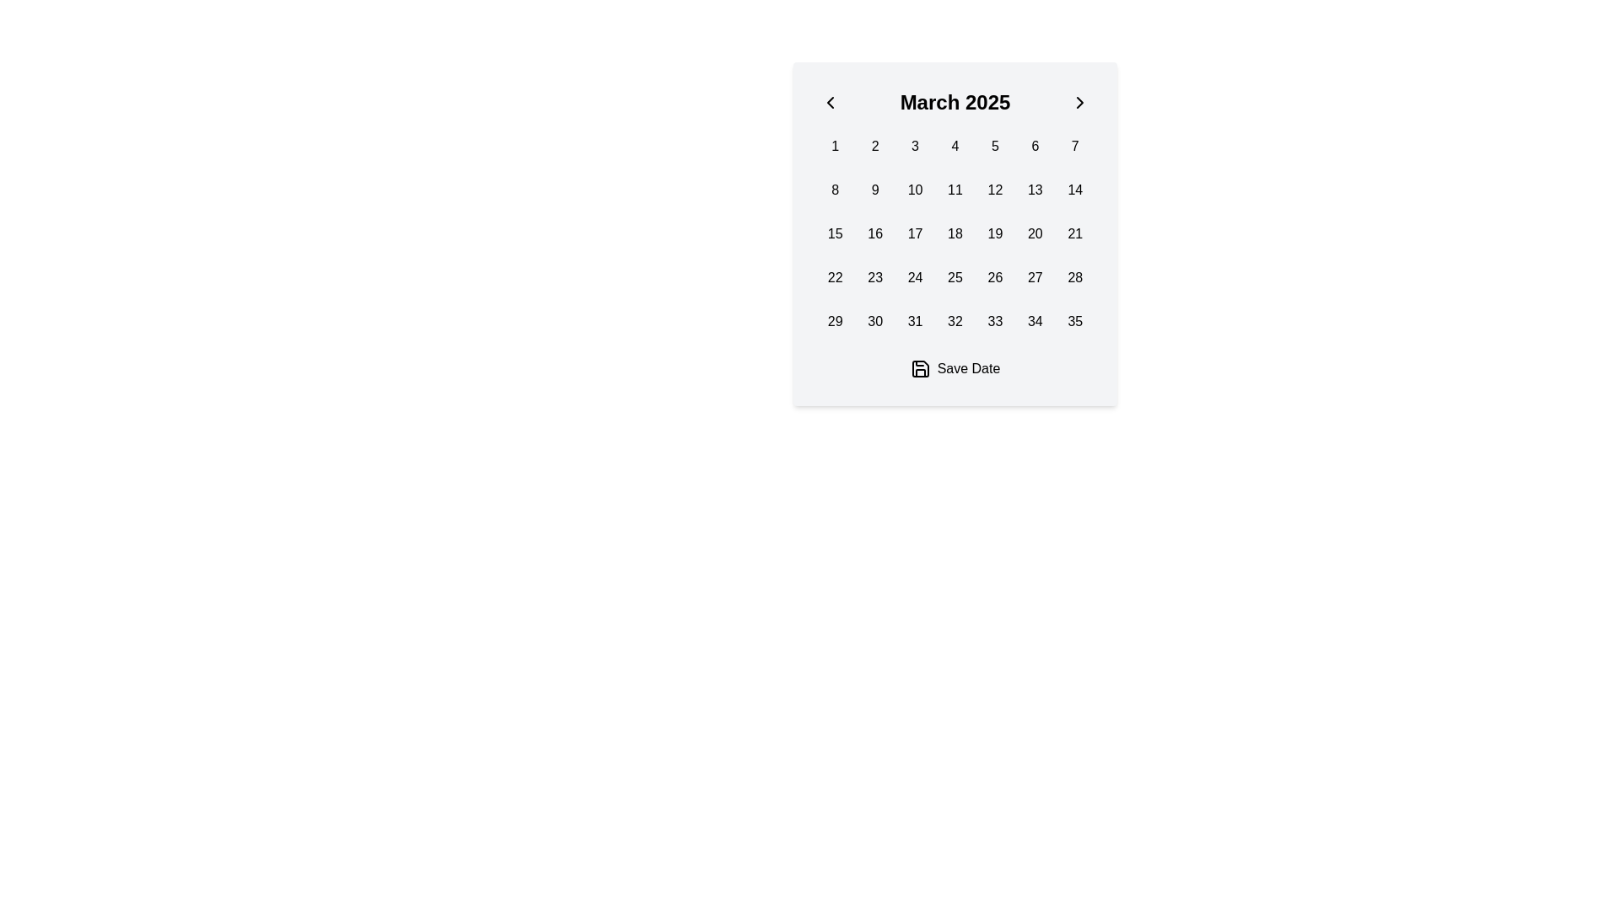 The height and width of the screenshot is (910, 1619). What do you see at coordinates (955, 233) in the screenshot?
I see `the button displaying the number '18' in the calendar grid layout` at bounding box center [955, 233].